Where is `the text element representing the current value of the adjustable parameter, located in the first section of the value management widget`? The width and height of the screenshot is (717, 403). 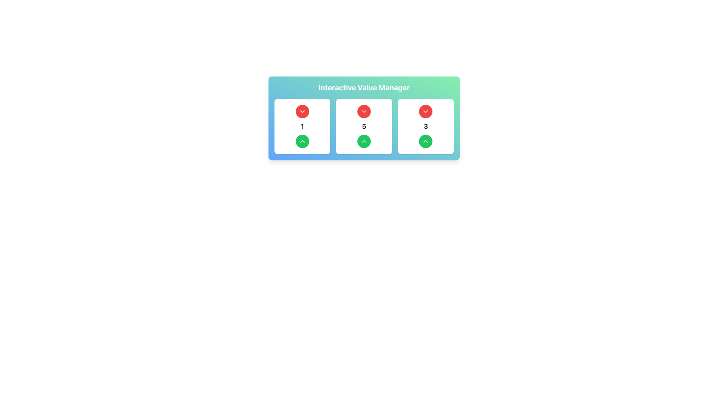 the text element representing the current value of the adjustable parameter, located in the first section of the value management widget is located at coordinates (302, 126).